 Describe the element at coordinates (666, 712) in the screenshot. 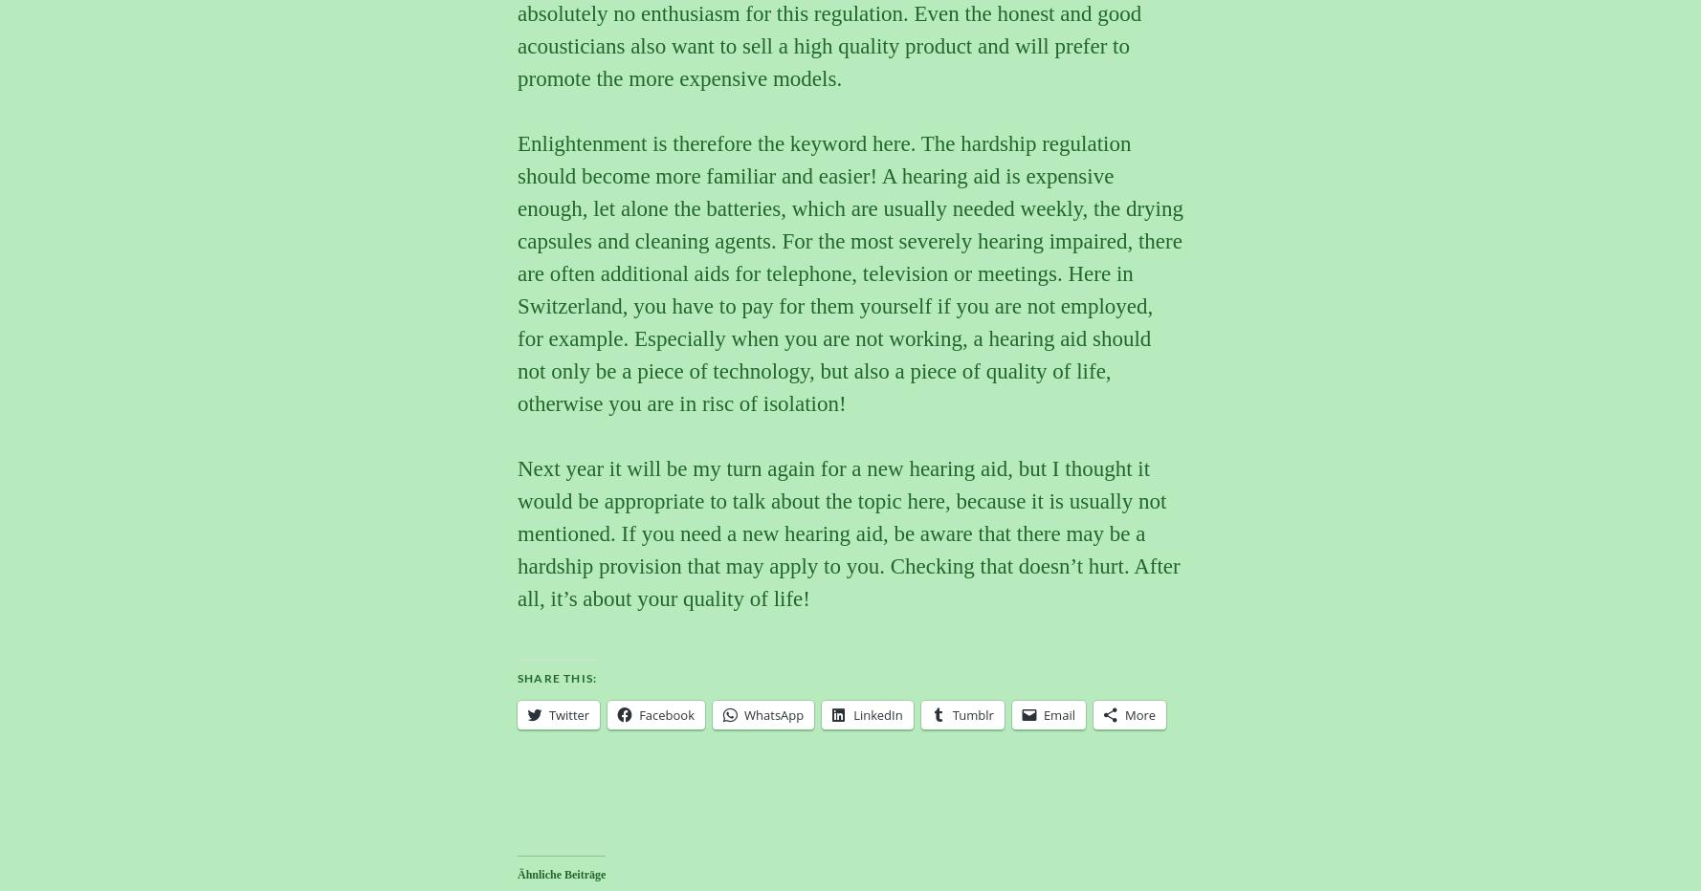

I see `'Facebook'` at that location.